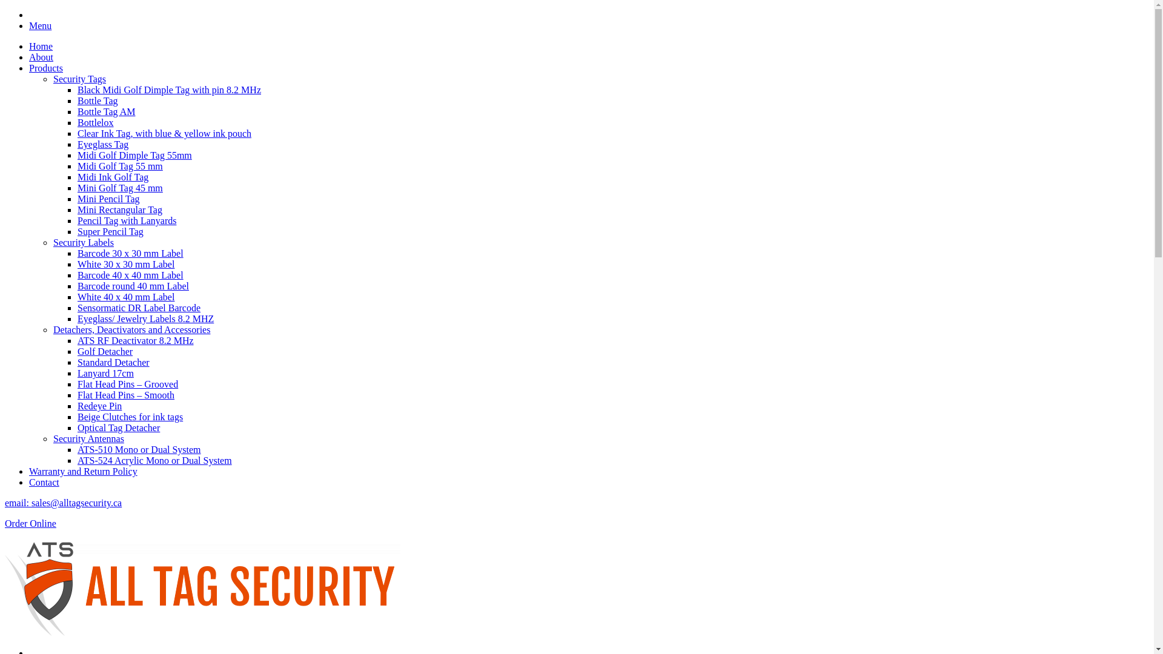  I want to click on 'Pencil Tag with Lanyards', so click(127, 220).